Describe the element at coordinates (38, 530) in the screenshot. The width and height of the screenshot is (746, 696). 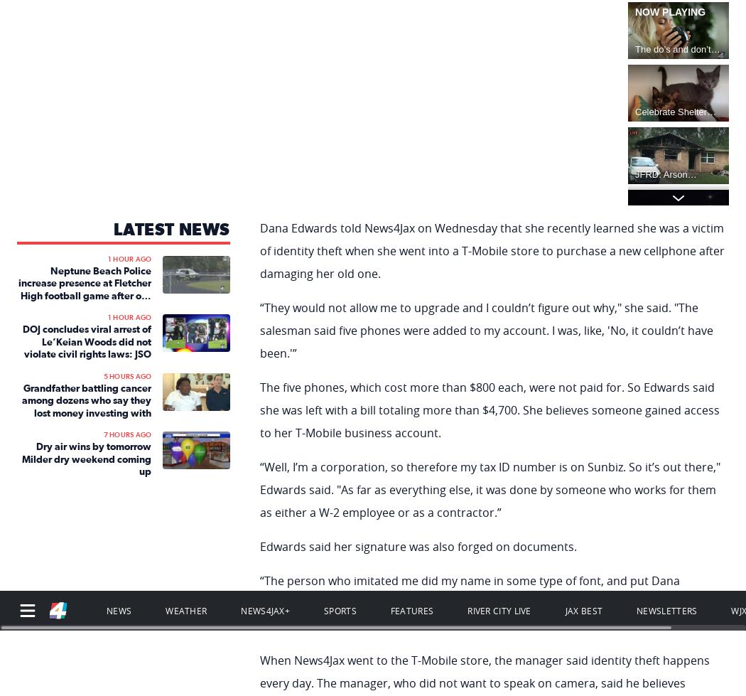
I see `'TV Listings'` at that location.